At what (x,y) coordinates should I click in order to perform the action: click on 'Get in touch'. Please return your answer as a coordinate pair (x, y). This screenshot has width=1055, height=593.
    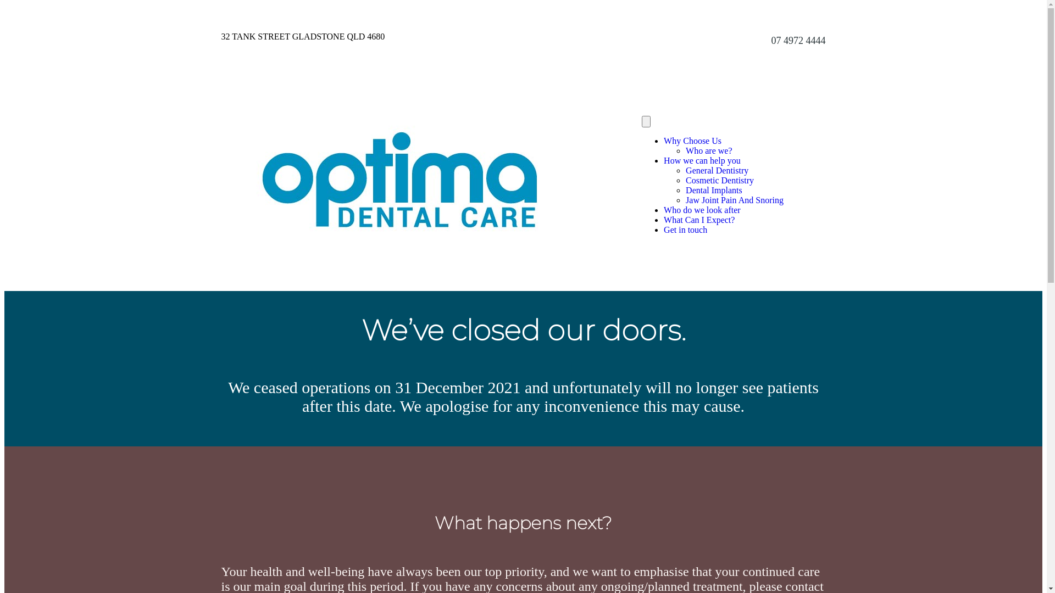
    Looking at the image, I should click on (685, 229).